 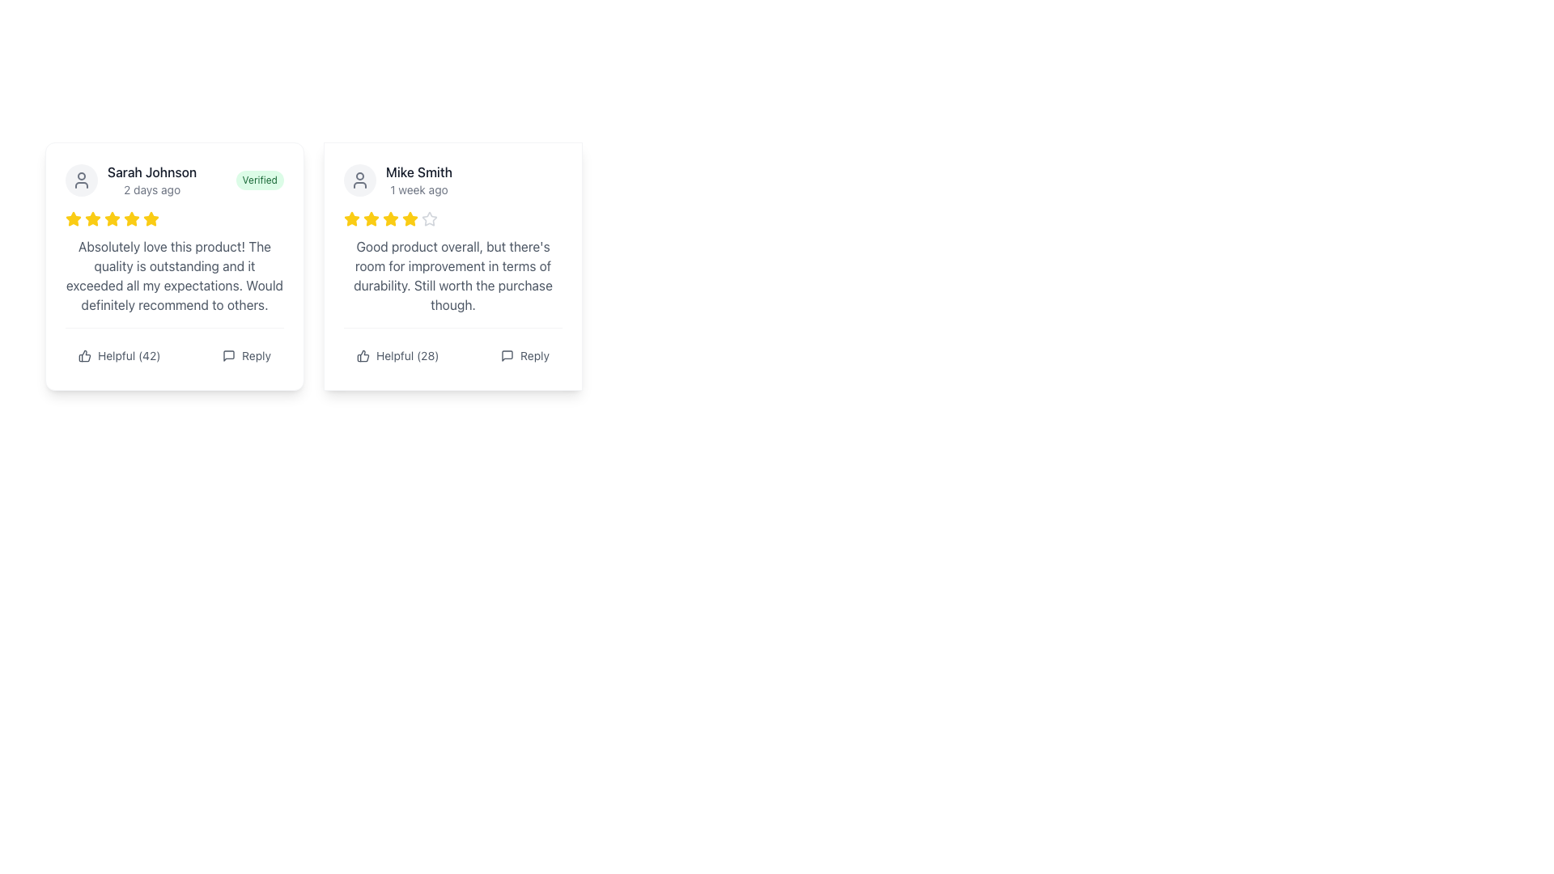 What do you see at coordinates (453, 274) in the screenshot?
I see `the user review text block styled in gray that reads 'Good product overall, but there's room for improvement in terms of durability. Still worth the purchase though.'` at bounding box center [453, 274].